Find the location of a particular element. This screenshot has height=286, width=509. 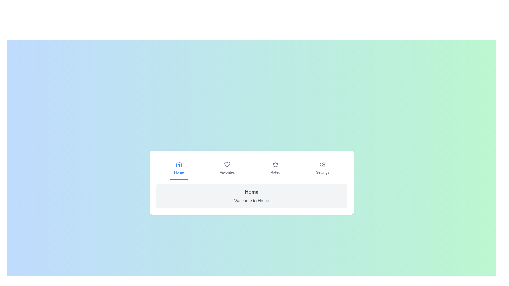

the tab labeled Rated is located at coordinates (275, 168).